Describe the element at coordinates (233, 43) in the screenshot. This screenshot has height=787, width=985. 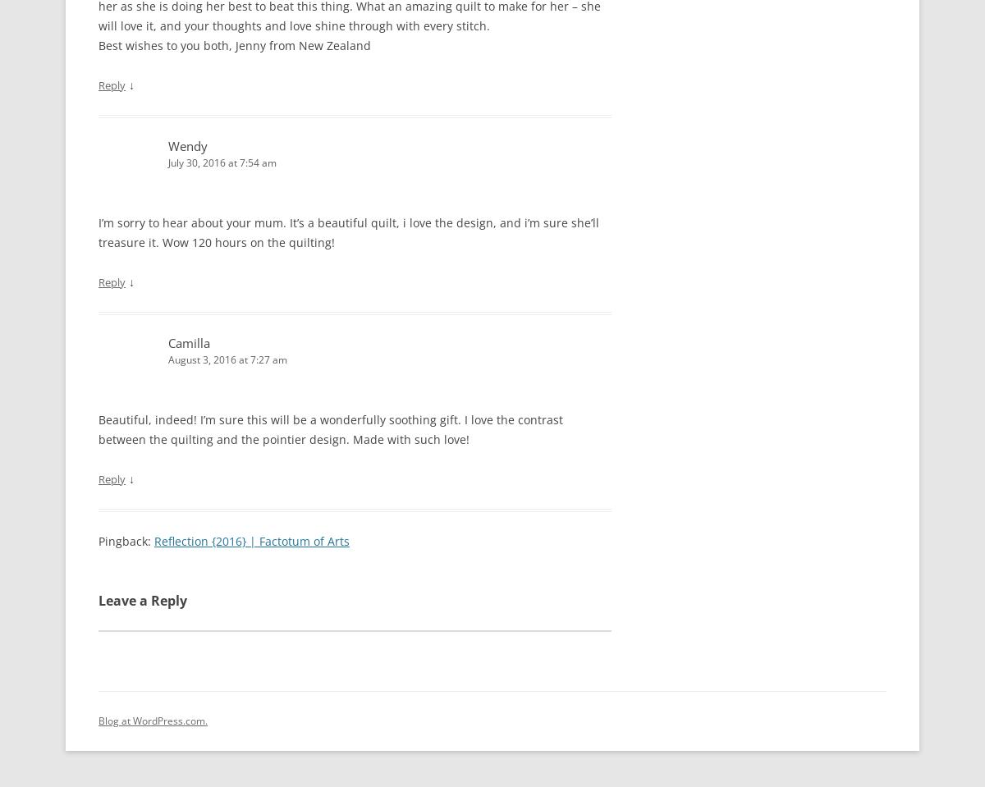
I see `'Best wishes to you both, Jenny from New Zealand'` at that location.